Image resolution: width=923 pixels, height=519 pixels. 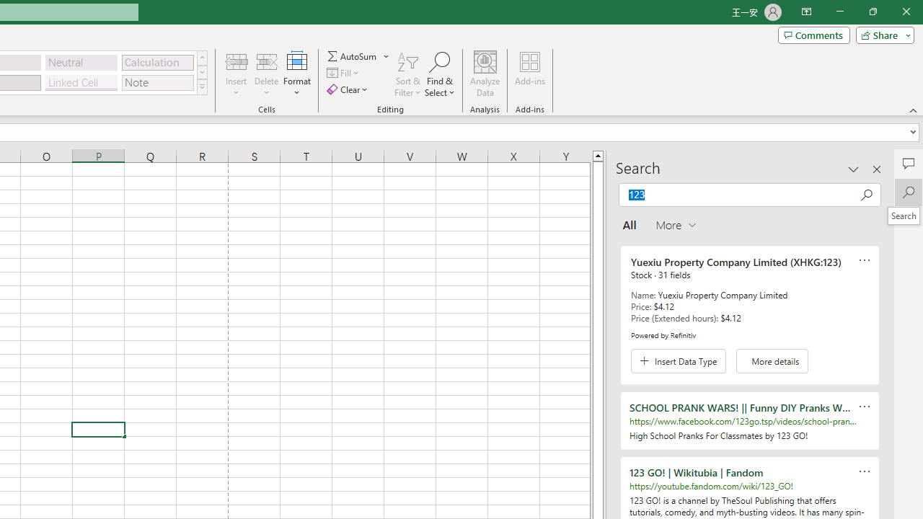 I want to click on 'Format', so click(x=296, y=74).